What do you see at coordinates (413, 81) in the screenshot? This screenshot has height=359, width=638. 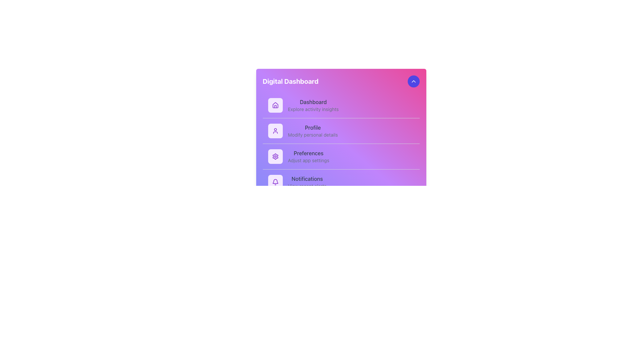 I see `the collapsible toggle button icon located at the top-right corner of the card-like layout` at bounding box center [413, 81].